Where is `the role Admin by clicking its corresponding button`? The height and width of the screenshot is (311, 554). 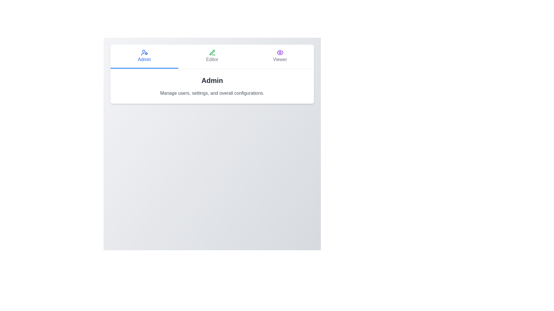
the role Admin by clicking its corresponding button is located at coordinates (144, 56).